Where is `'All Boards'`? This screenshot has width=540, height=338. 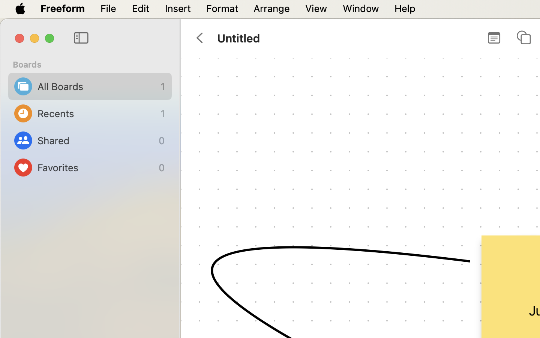 'All Boards' is located at coordinates (97, 86).